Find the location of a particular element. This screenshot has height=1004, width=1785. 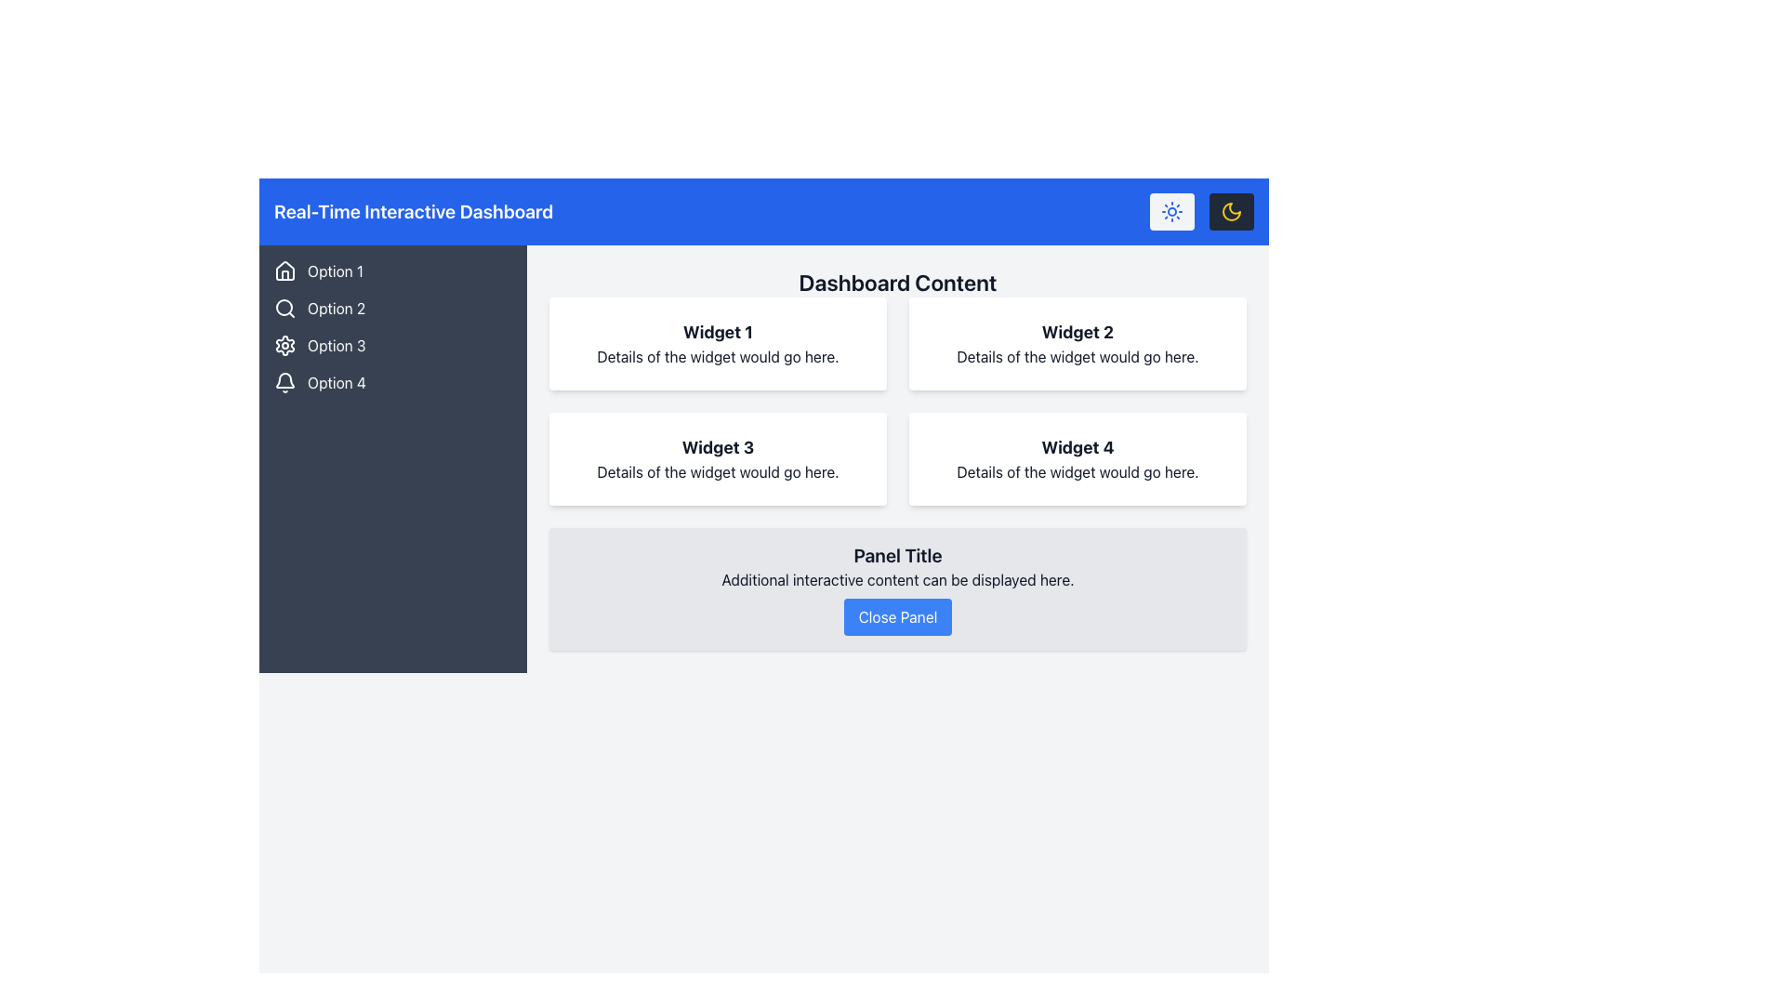

the sun-like icon in the header bar is located at coordinates (1171, 210).